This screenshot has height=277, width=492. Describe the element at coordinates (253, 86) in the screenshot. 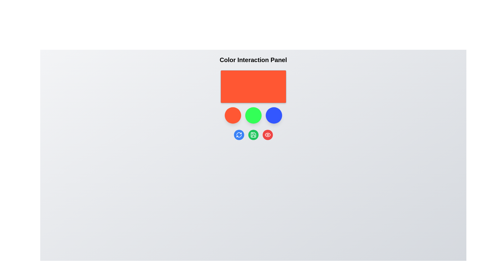

I see `the Static Display Area which is a rectangular block with rounded corners, vibrant red background, located below the 'Color Interaction Panel'` at that location.